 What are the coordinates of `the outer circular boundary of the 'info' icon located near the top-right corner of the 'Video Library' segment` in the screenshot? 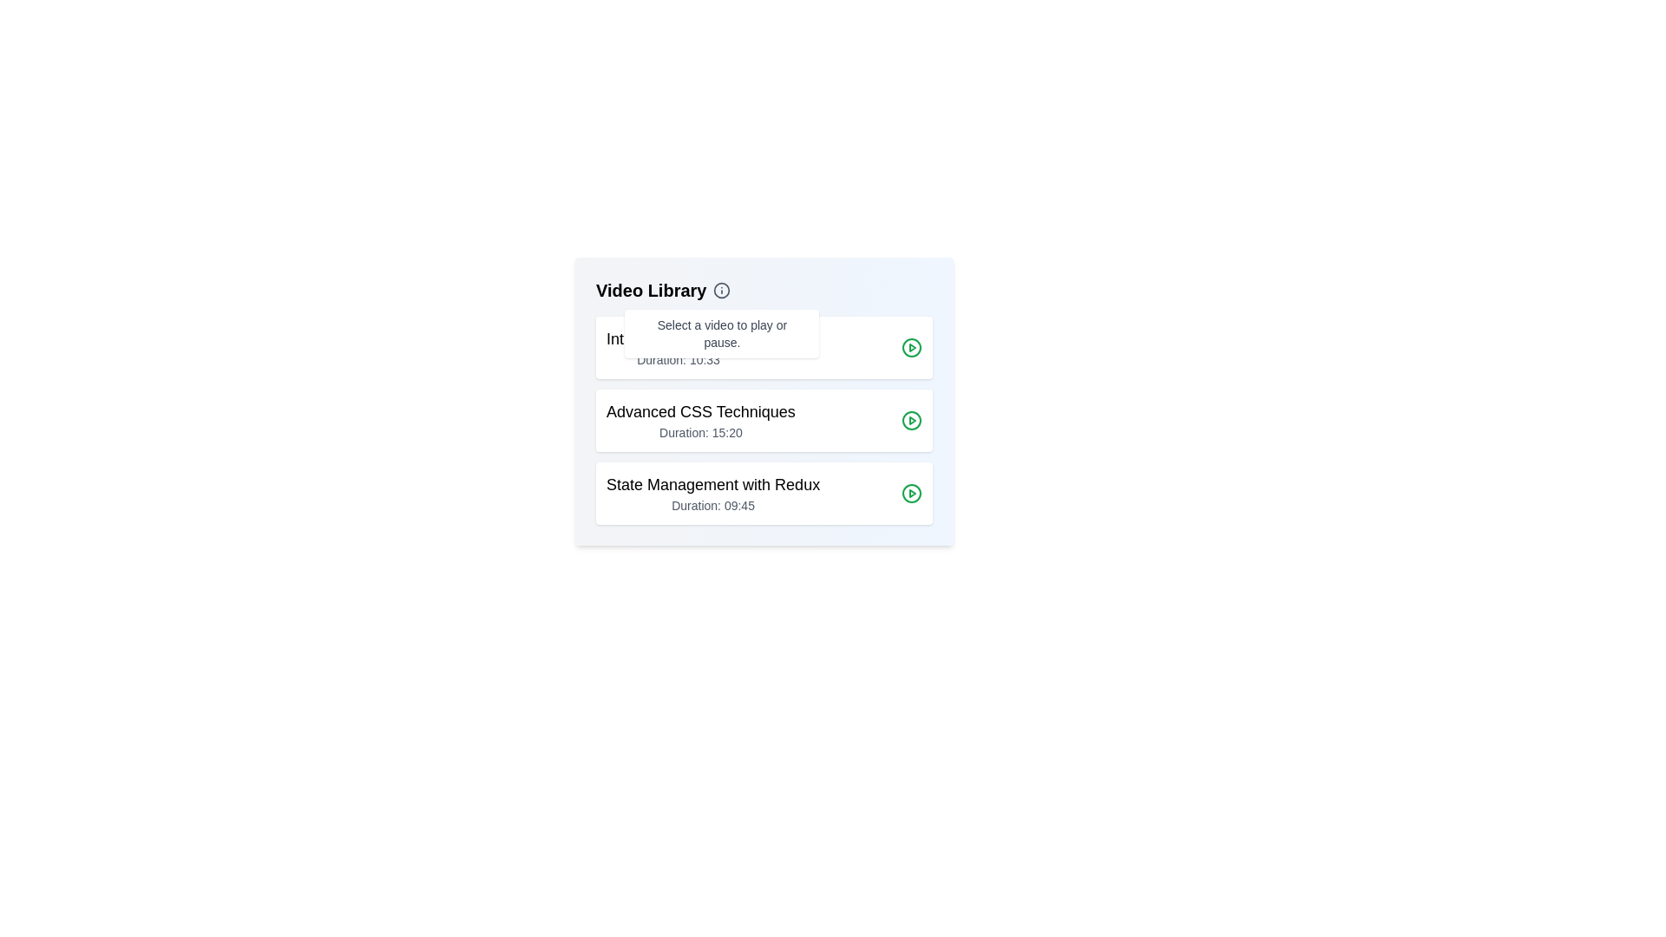 It's located at (722, 290).